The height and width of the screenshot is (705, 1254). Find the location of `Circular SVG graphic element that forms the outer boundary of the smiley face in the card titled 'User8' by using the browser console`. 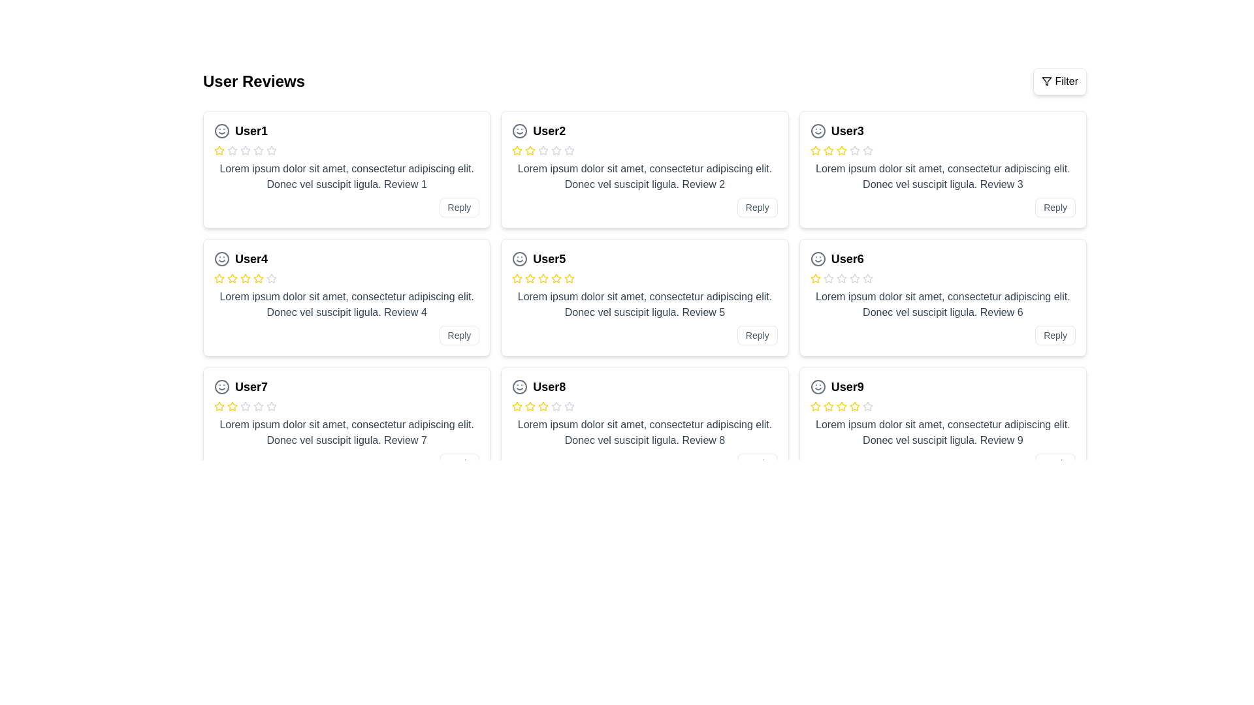

Circular SVG graphic element that forms the outer boundary of the smiley face in the card titled 'User8' by using the browser console is located at coordinates (519, 386).